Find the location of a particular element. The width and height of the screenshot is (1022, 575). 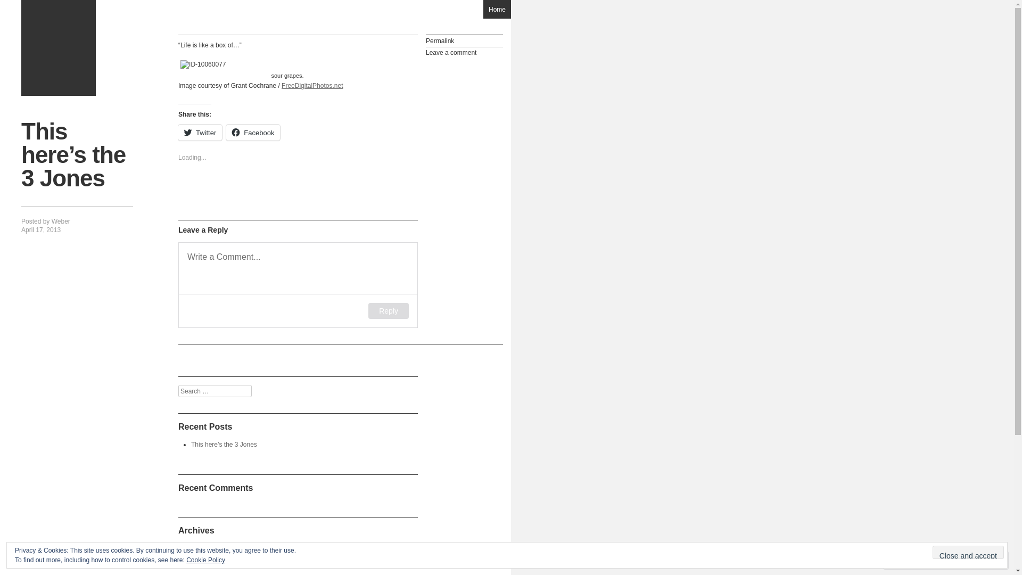

'Search' is located at coordinates (0, 6).